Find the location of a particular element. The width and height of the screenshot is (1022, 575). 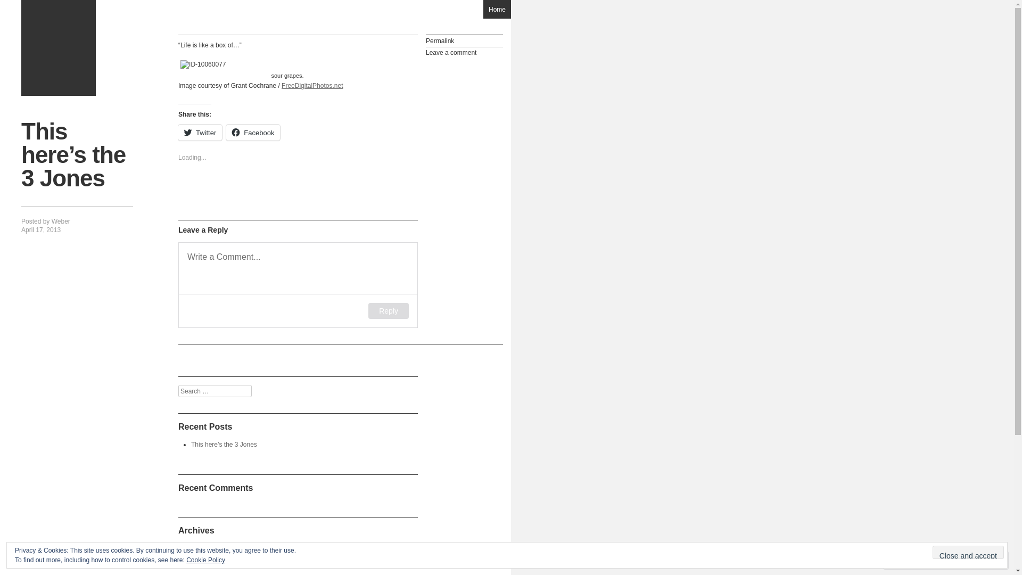

'Search' is located at coordinates (0, 6).